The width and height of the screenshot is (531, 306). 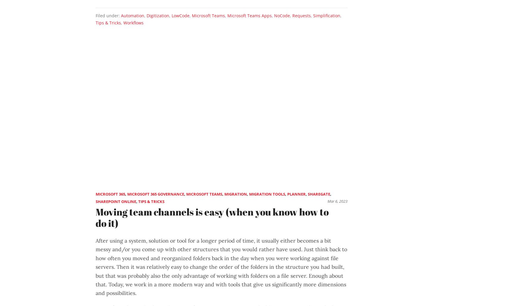 What do you see at coordinates (337, 201) in the screenshot?
I see `'Mar 6, 2023'` at bounding box center [337, 201].